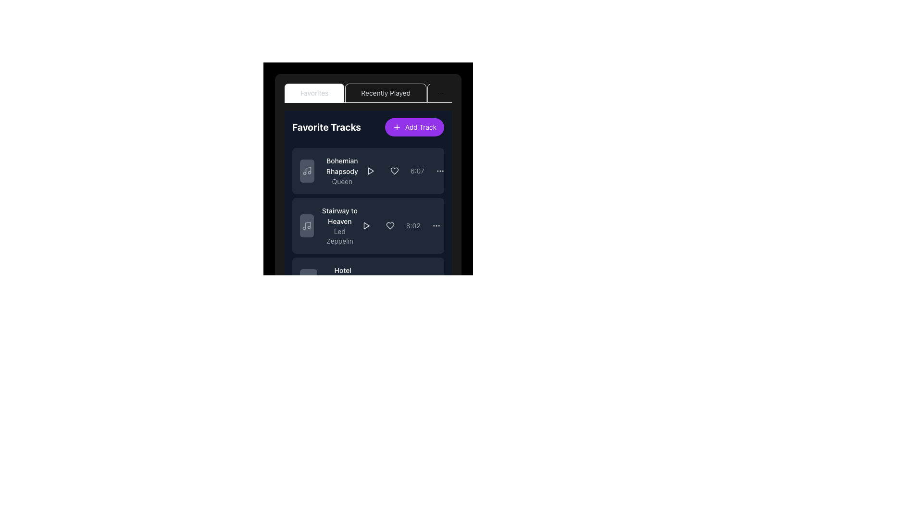 The width and height of the screenshot is (923, 519). What do you see at coordinates (414, 127) in the screenshot?
I see `the button that adds a new track to the favorite tracks list, located in the upper-right portion of the 'Favorite Tracks' section` at bounding box center [414, 127].